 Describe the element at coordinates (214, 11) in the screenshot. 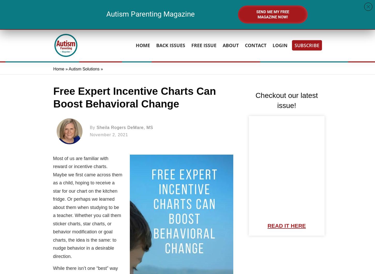

I see `'48'` at that location.